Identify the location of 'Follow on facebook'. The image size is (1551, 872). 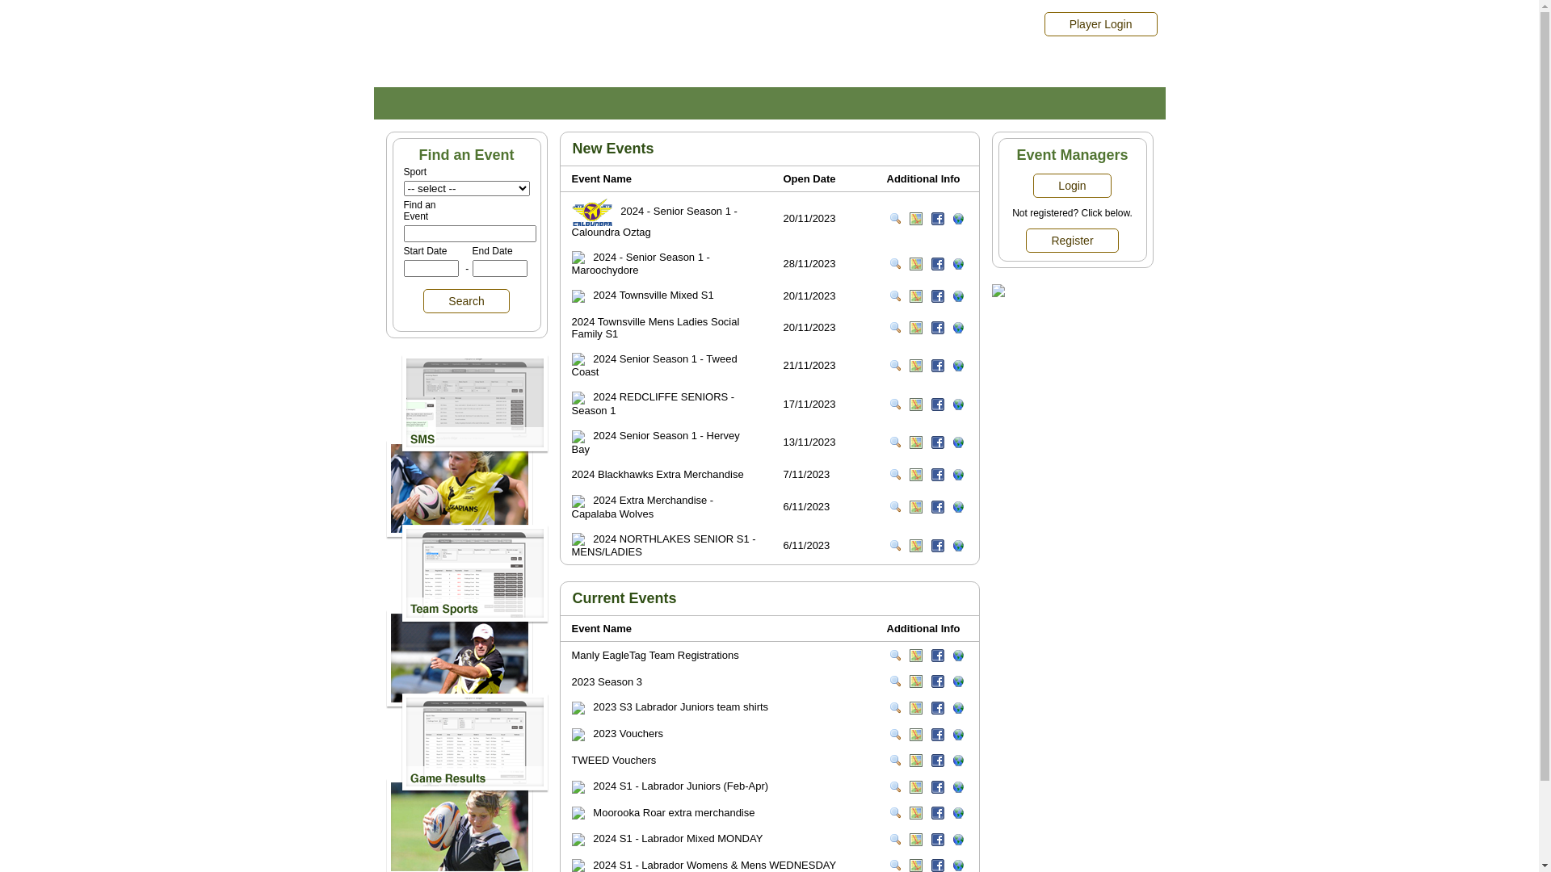
(938, 681).